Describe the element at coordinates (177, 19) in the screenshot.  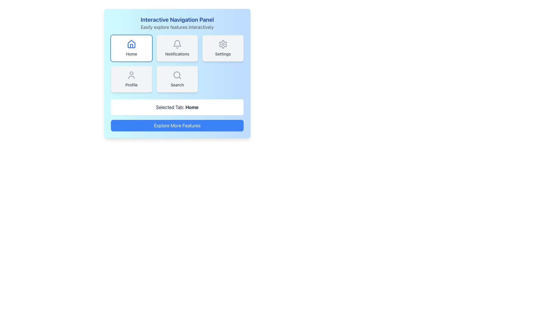
I see `the Text Label that serves as a heading or title for the section, located at the top of the interface and centered horizontally` at that location.